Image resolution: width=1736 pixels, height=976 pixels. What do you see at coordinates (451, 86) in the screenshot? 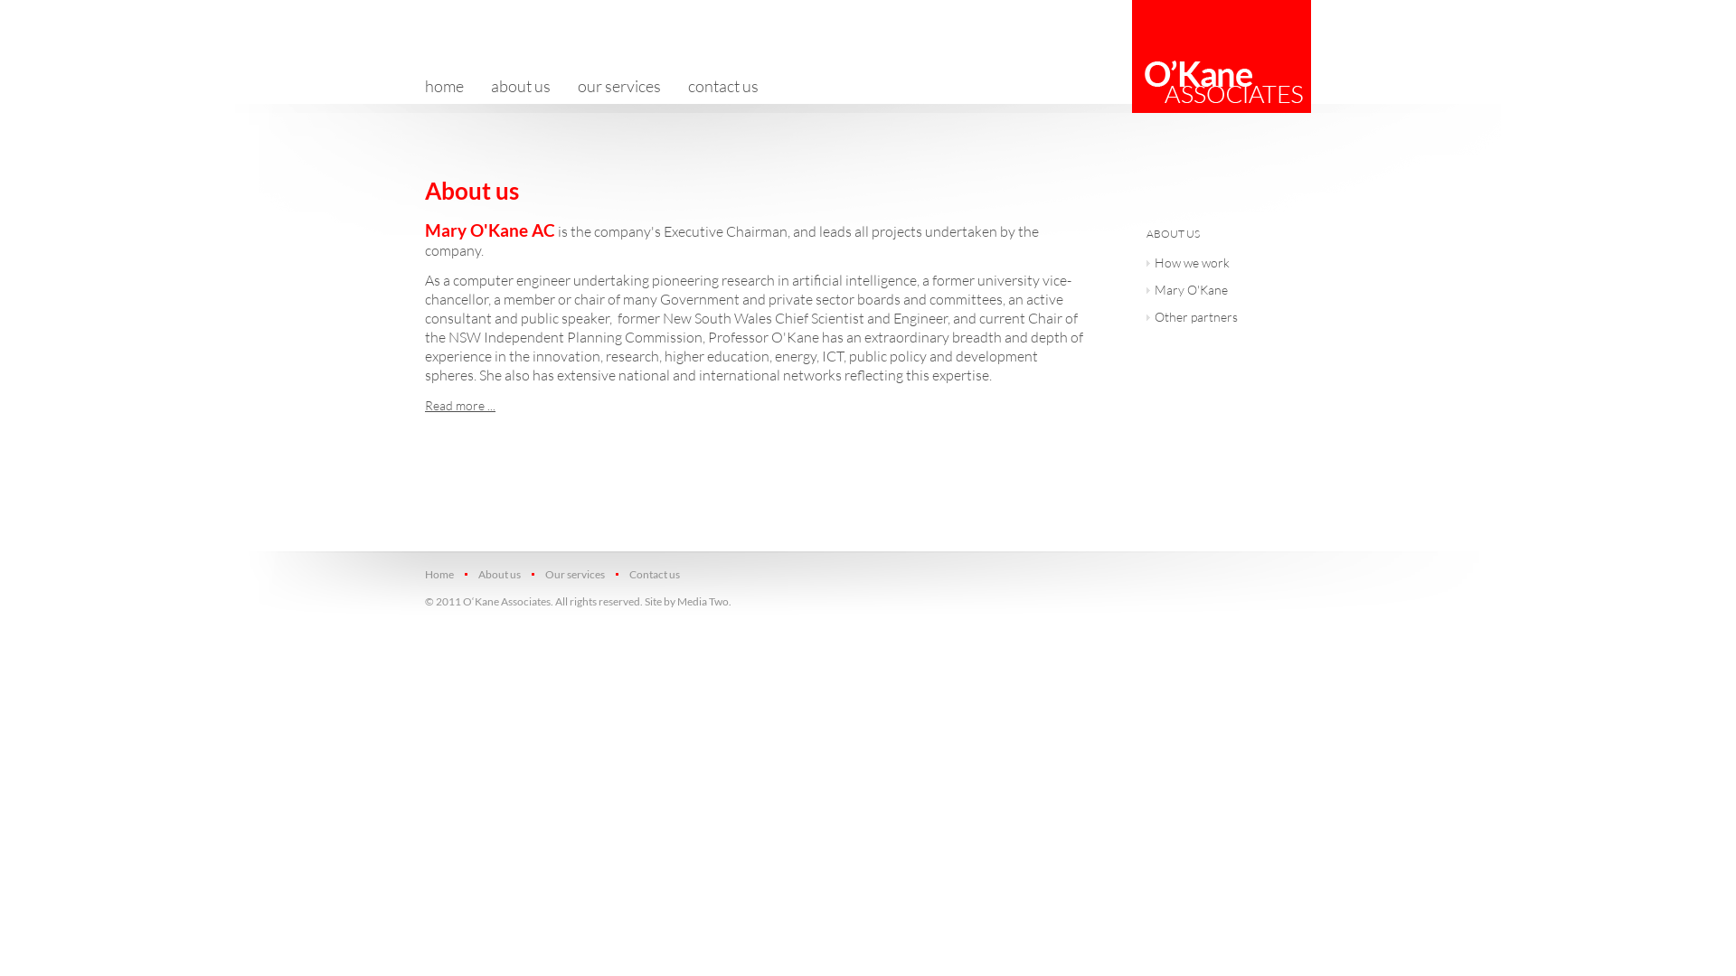
I see `'home'` at bounding box center [451, 86].